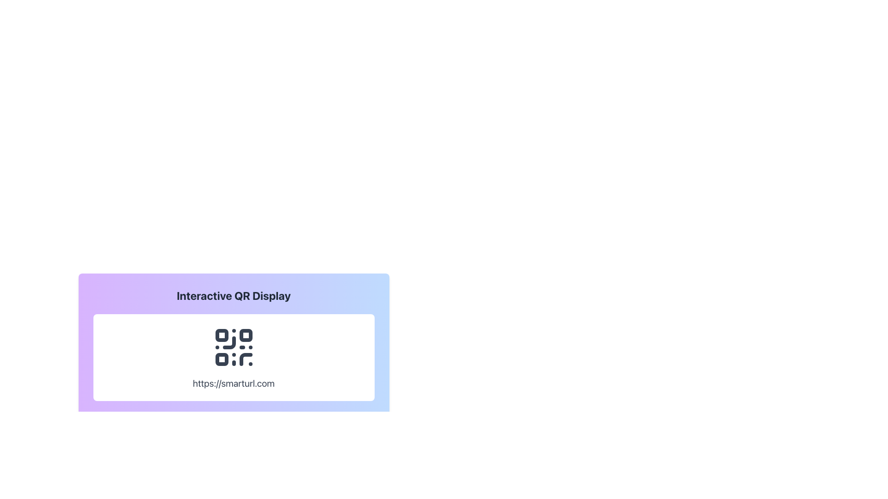 This screenshot has height=499, width=888. I want to click on the static text label that reads 'Interactive QR Display', which is styled in bold, large font with dark gray color on a light gradient background, so click(234, 296).